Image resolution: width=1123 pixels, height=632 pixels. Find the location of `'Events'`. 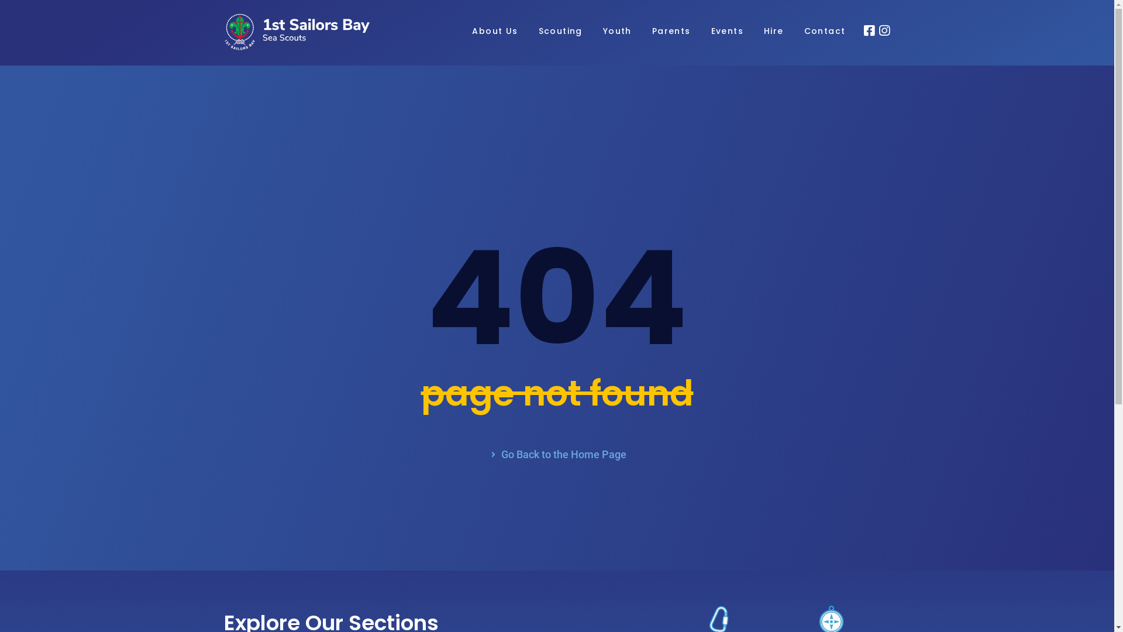

'Events' is located at coordinates (710, 31).